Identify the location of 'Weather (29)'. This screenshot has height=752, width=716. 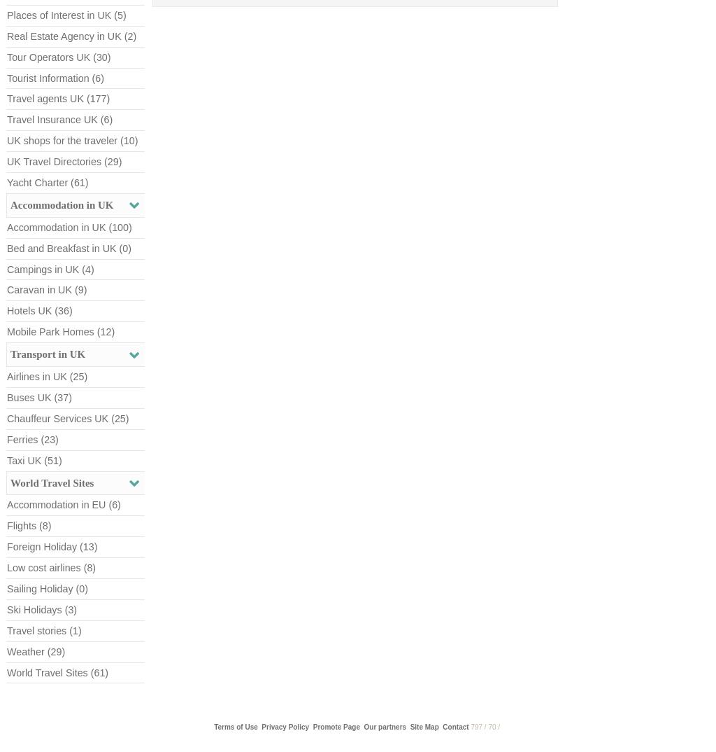
(35, 650).